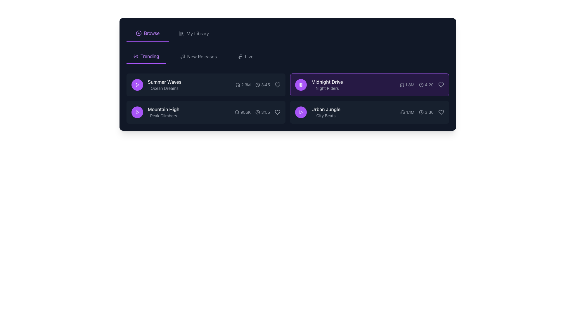 The image size is (561, 315). What do you see at coordinates (402, 112) in the screenshot?
I see `the headphones icon located to the left of the number '1.1M' in the 'Urban Jungle' track entry` at bounding box center [402, 112].